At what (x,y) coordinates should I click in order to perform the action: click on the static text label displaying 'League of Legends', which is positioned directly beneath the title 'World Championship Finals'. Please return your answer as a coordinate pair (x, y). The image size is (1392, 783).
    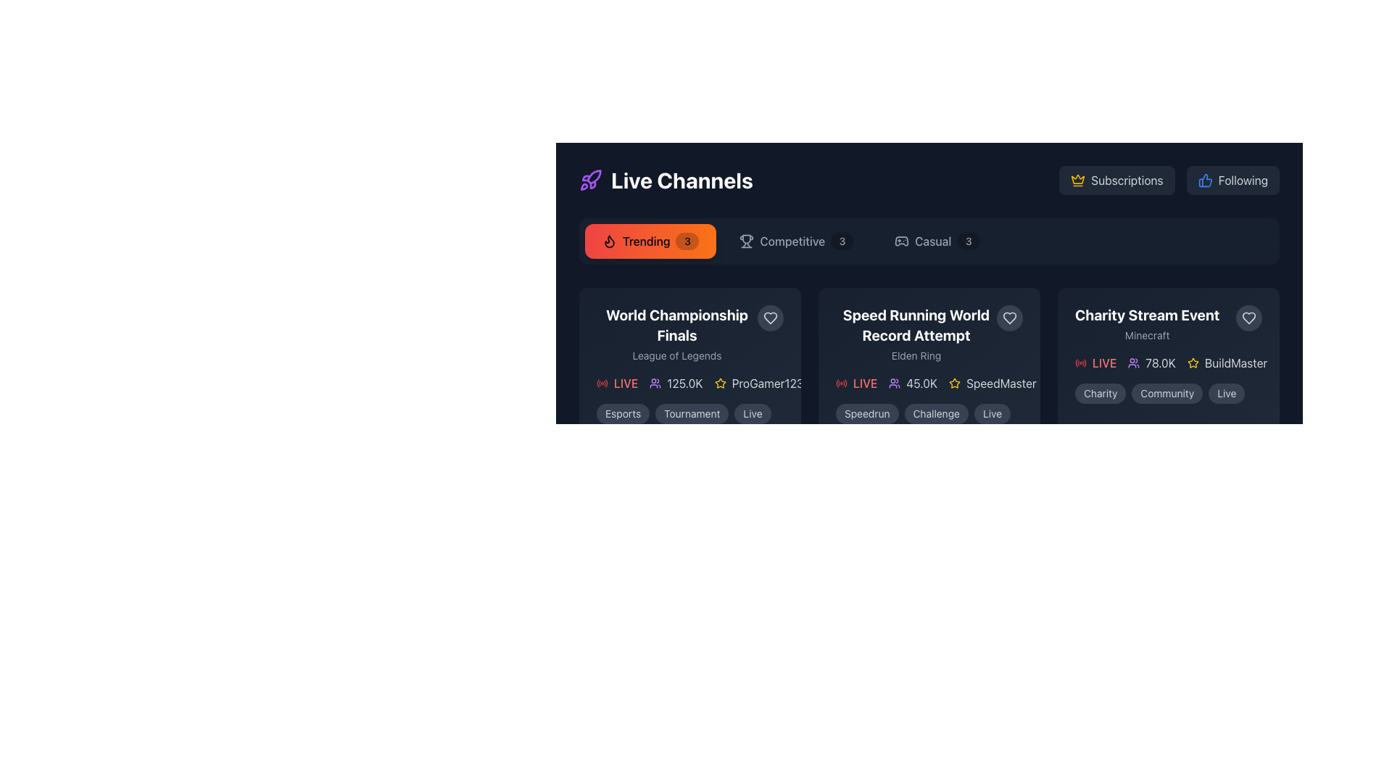
    Looking at the image, I should click on (676, 355).